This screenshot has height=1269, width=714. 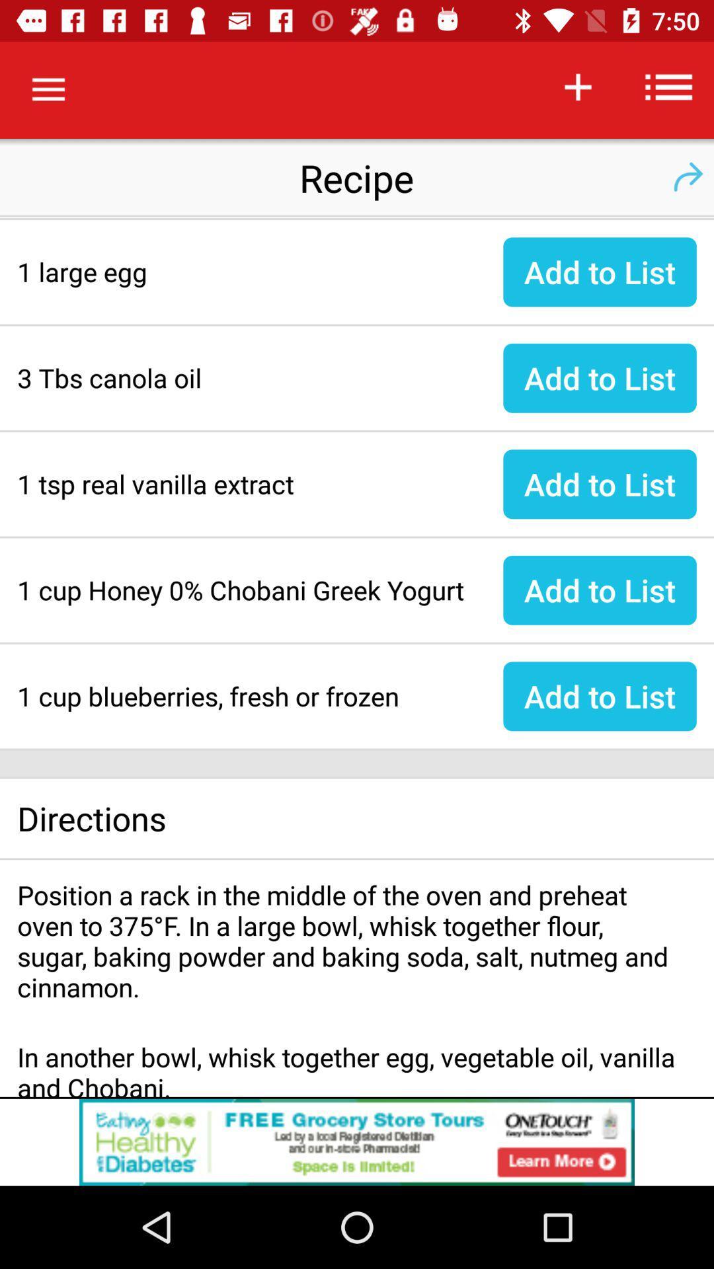 What do you see at coordinates (687, 176) in the screenshot?
I see `arrow icon which is right to text recepie` at bounding box center [687, 176].